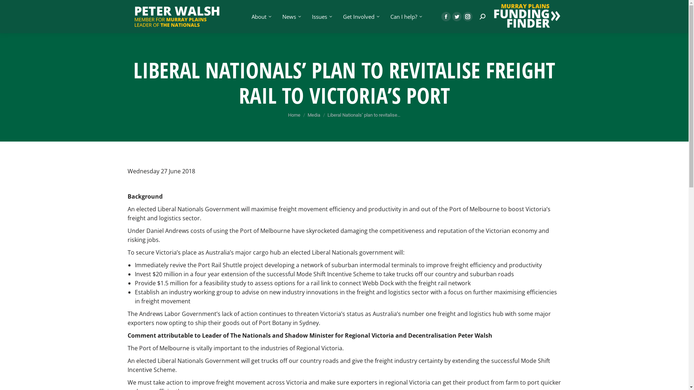 This screenshot has height=390, width=694. Describe the element at coordinates (321, 16) in the screenshot. I see `'Issues'` at that location.